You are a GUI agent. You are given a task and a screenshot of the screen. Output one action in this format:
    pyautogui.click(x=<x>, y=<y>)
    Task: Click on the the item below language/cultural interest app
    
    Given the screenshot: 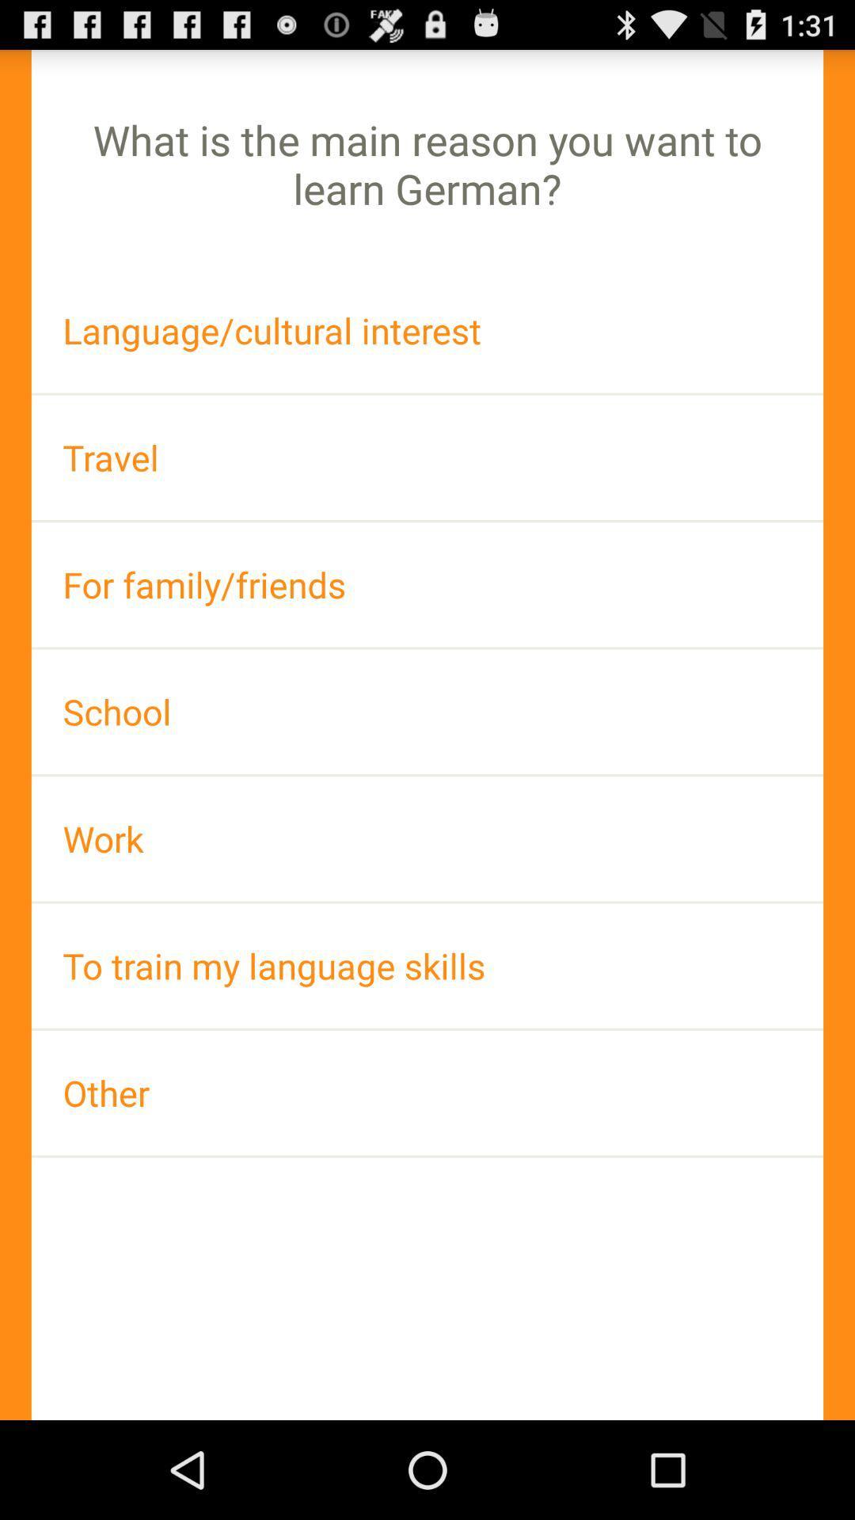 What is the action you would take?
    pyautogui.click(x=427, y=457)
    